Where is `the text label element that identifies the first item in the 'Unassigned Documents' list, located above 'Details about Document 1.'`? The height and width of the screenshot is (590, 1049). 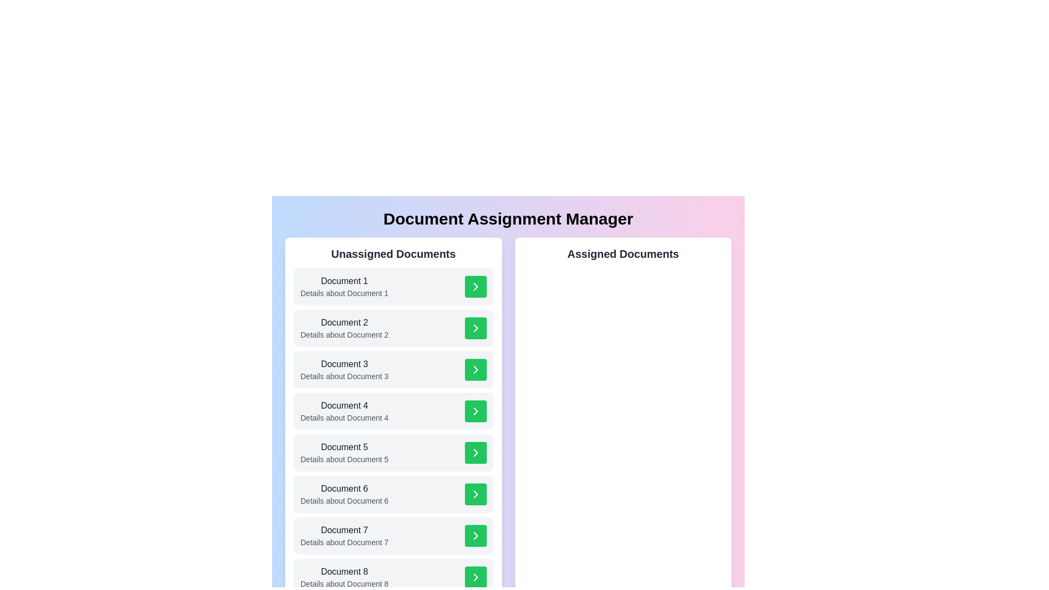
the text label element that identifies the first item in the 'Unassigned Documents' list, located above 'Details about Document 1.' is located at coordinates (344, 281).